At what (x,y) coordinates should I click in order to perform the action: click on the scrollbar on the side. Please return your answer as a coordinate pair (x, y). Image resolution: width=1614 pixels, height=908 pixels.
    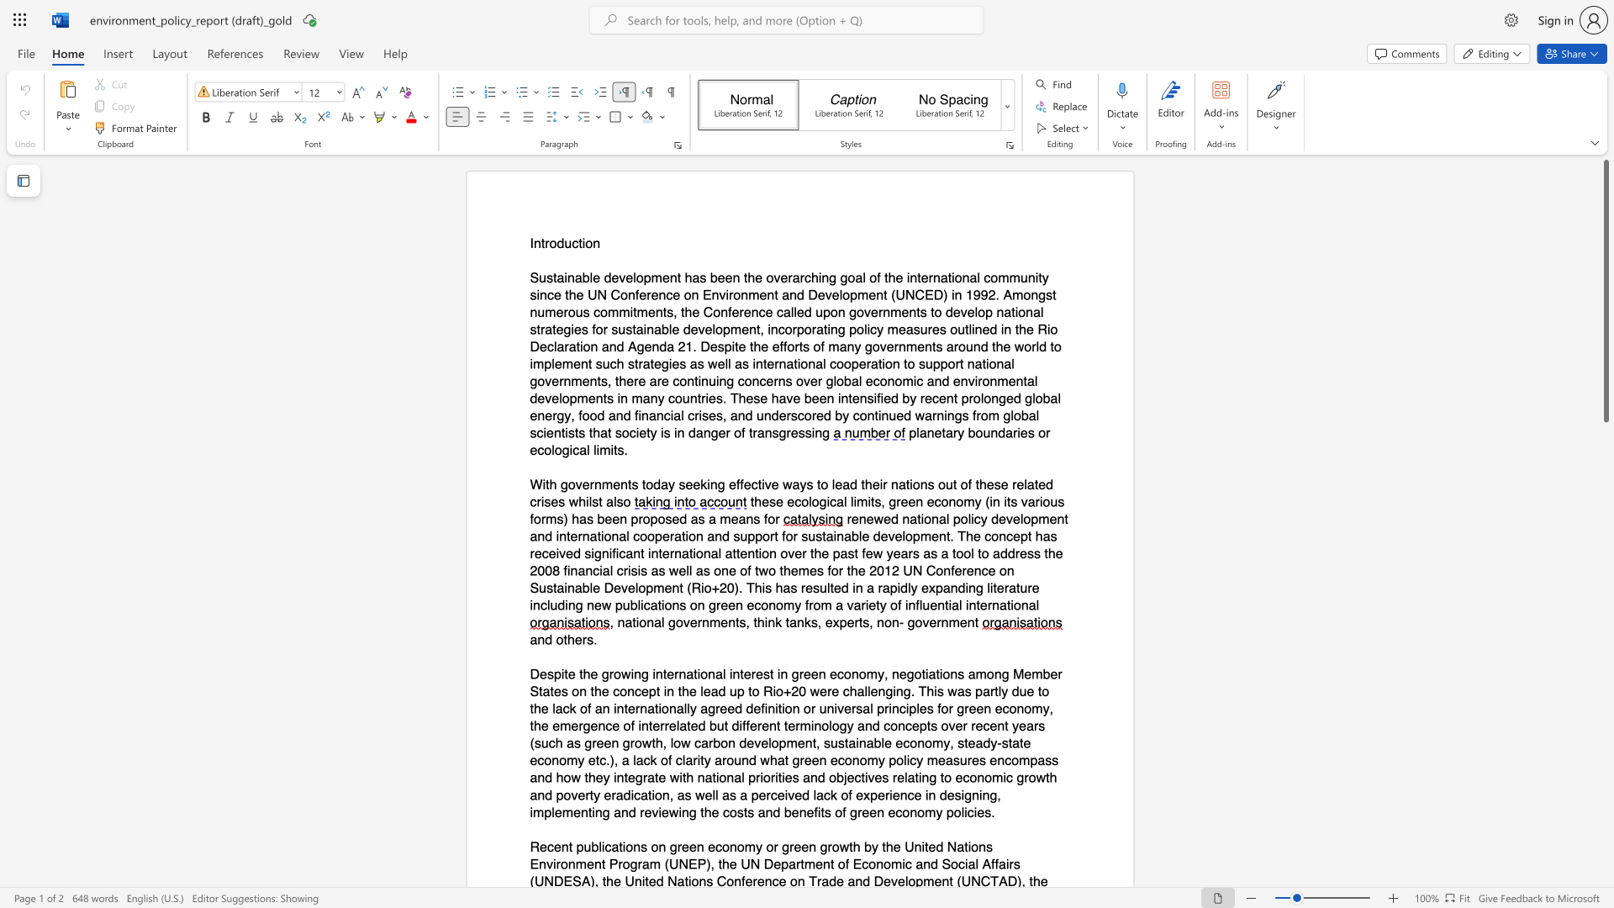
    Looking at the image, I should click on (1605, 773).